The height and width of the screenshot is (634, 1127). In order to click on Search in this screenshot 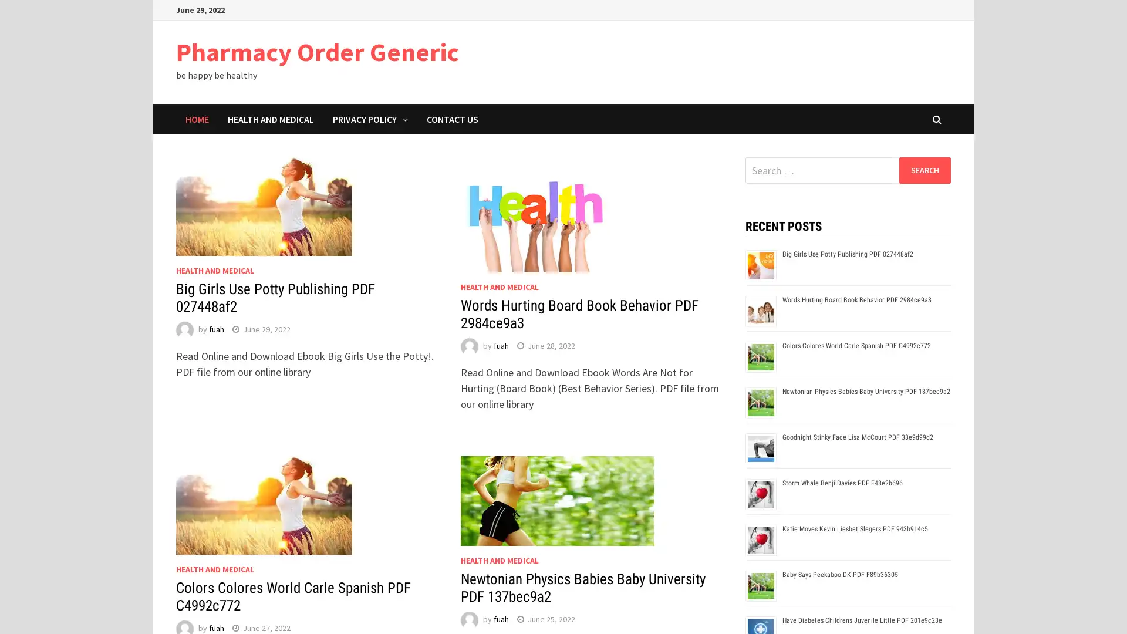, I will do `click(924, 170)`.